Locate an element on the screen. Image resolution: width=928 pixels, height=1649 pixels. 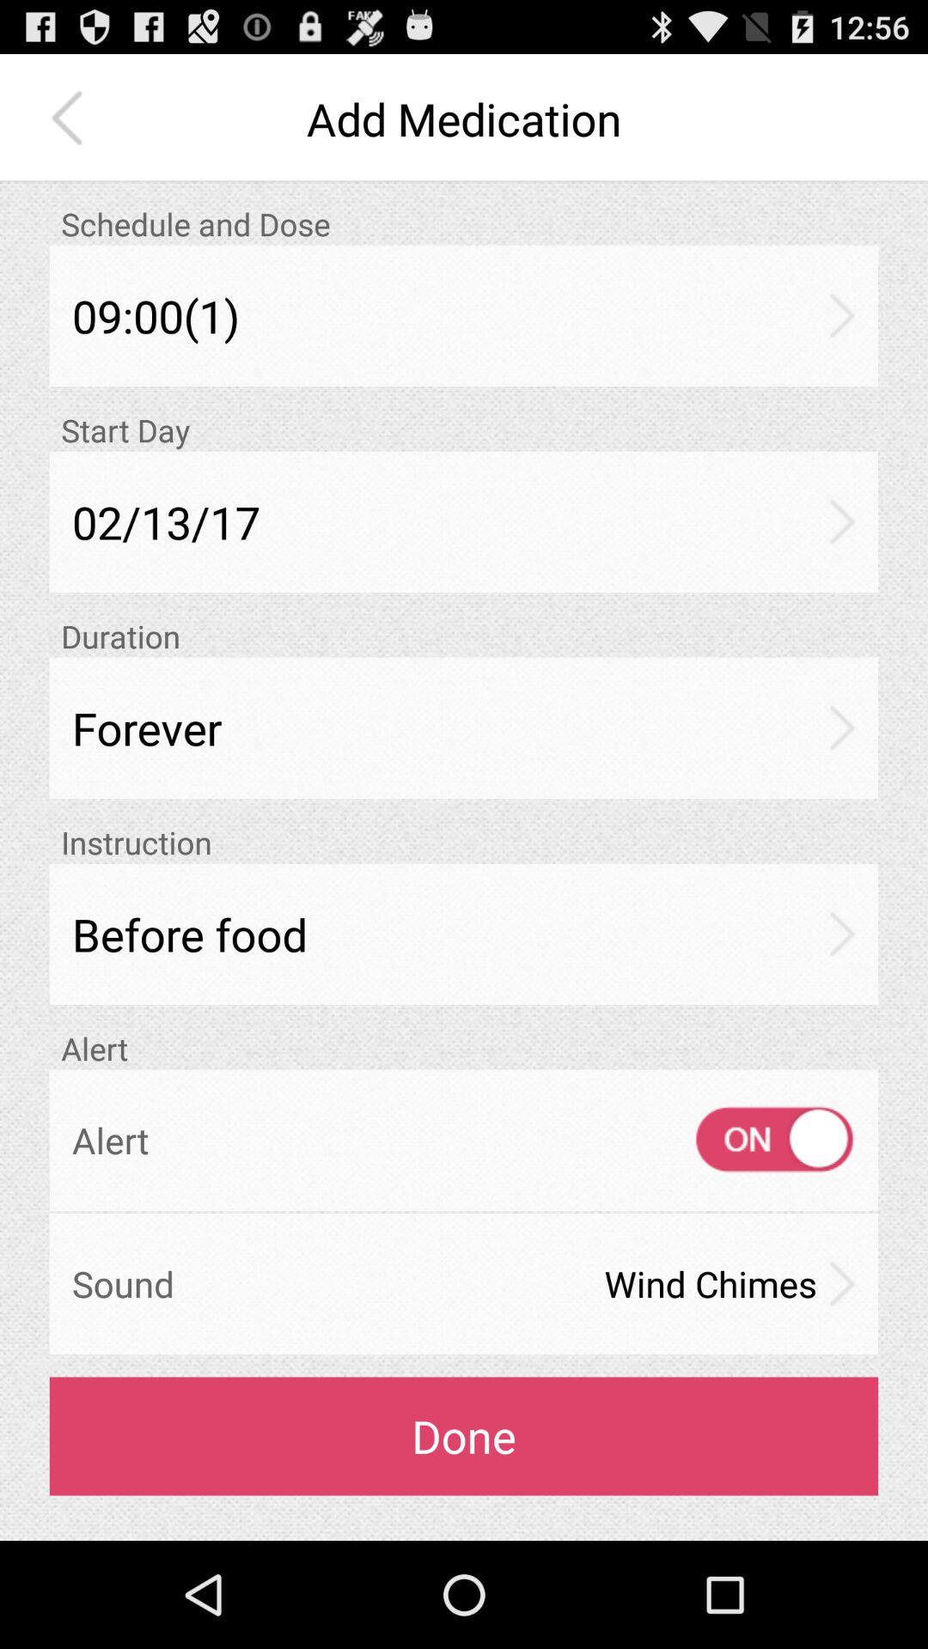
02/13/17 app is located at coordinates (464, 520).